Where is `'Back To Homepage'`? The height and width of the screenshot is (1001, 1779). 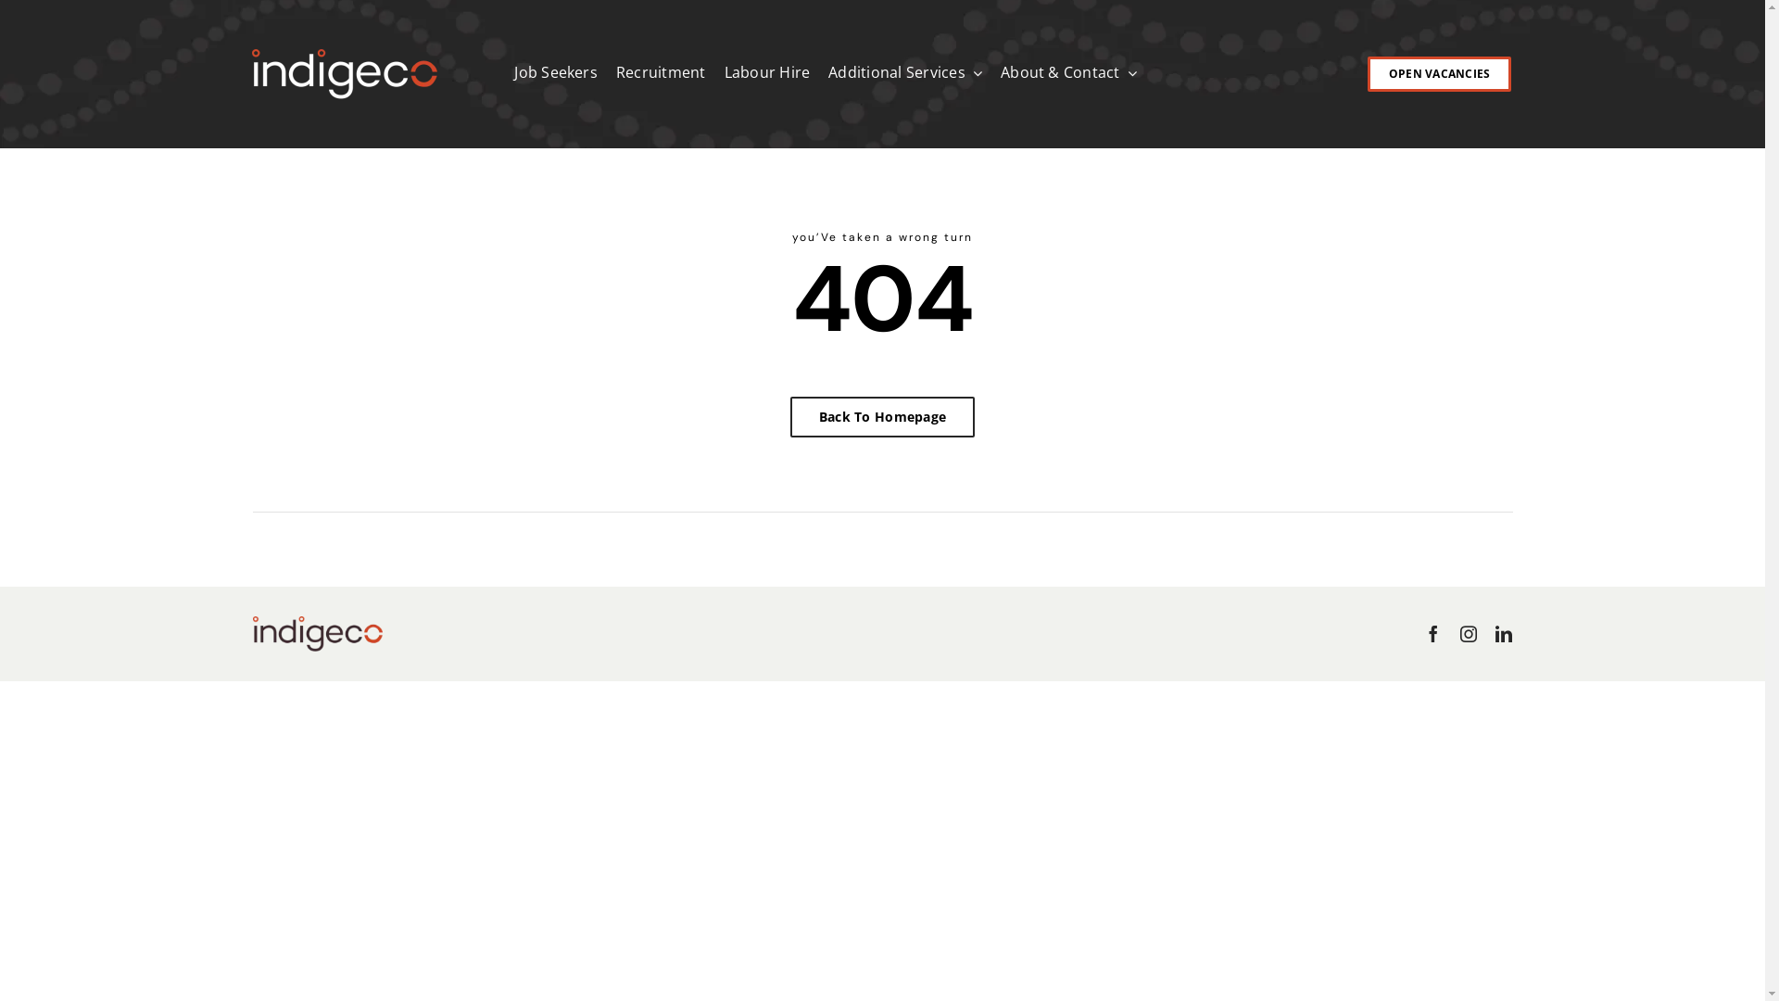
'Back To Homepage' is located at coordinates (881, 417).